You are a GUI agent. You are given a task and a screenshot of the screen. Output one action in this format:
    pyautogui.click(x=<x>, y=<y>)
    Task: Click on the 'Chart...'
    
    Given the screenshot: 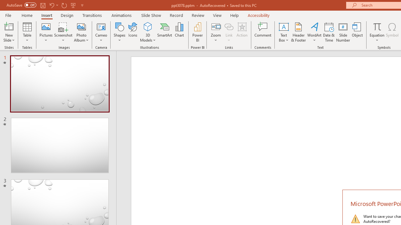 What is the action you would take?
    pyautogui.click(x=179, y=32)
    